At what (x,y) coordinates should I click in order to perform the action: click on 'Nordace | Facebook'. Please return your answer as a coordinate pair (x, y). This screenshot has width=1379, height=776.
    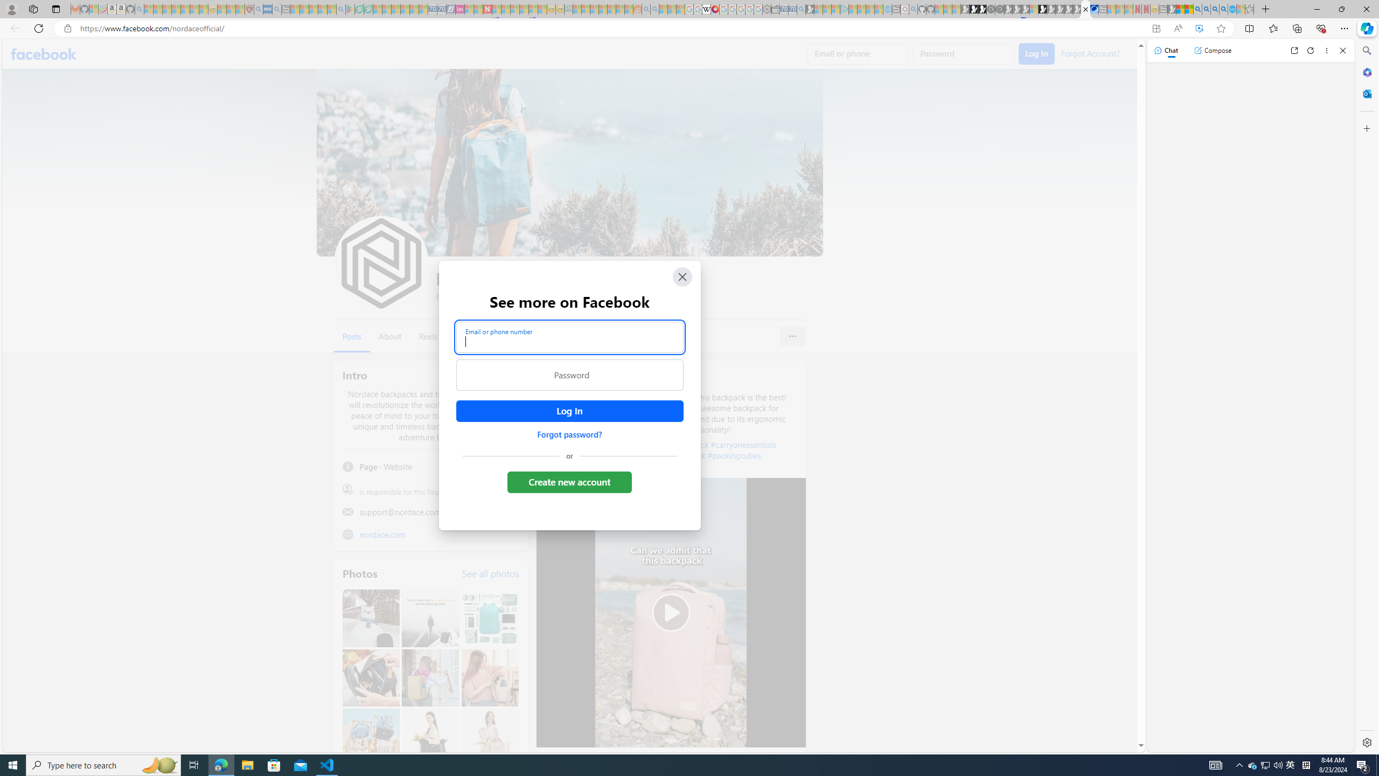
    Looking at the image, I should click on (1085, 9).